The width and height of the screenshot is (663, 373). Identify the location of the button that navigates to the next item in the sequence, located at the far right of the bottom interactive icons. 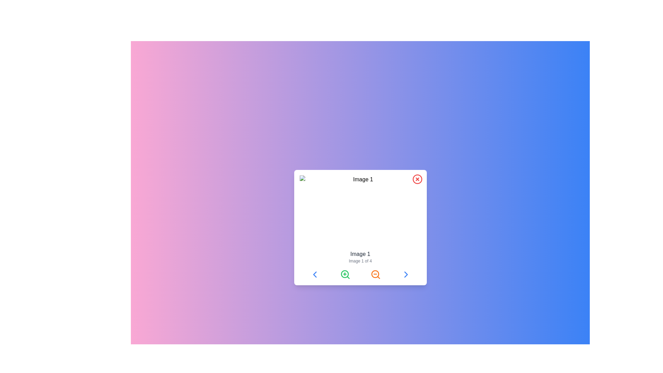
(406, 274).